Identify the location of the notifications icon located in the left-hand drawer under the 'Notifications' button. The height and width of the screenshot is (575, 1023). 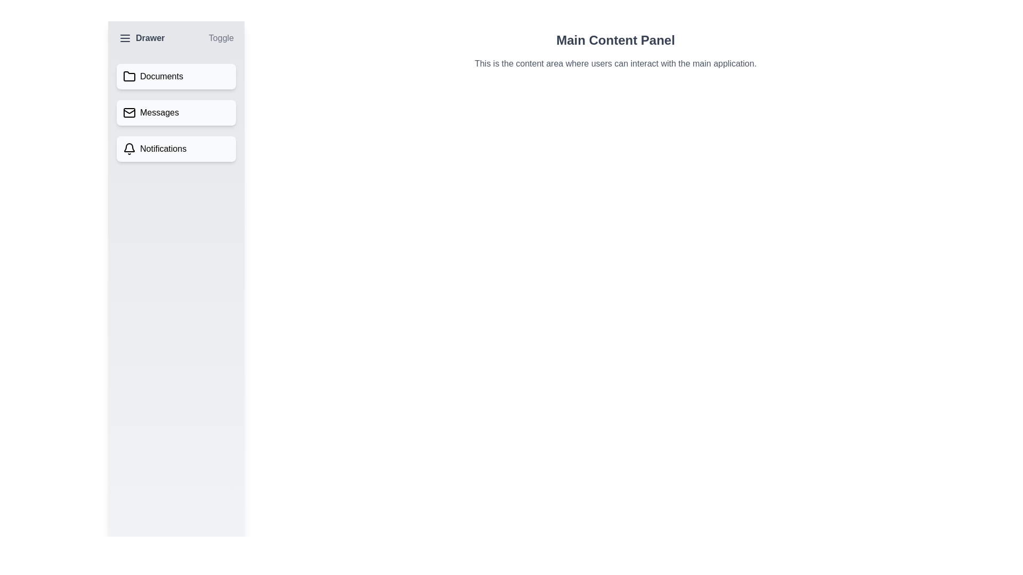
(129, 147).